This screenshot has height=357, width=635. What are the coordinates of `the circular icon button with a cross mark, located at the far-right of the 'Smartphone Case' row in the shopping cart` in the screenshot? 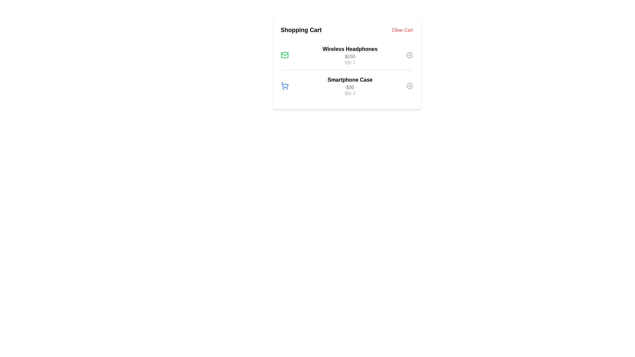 It's located at (409, 85).